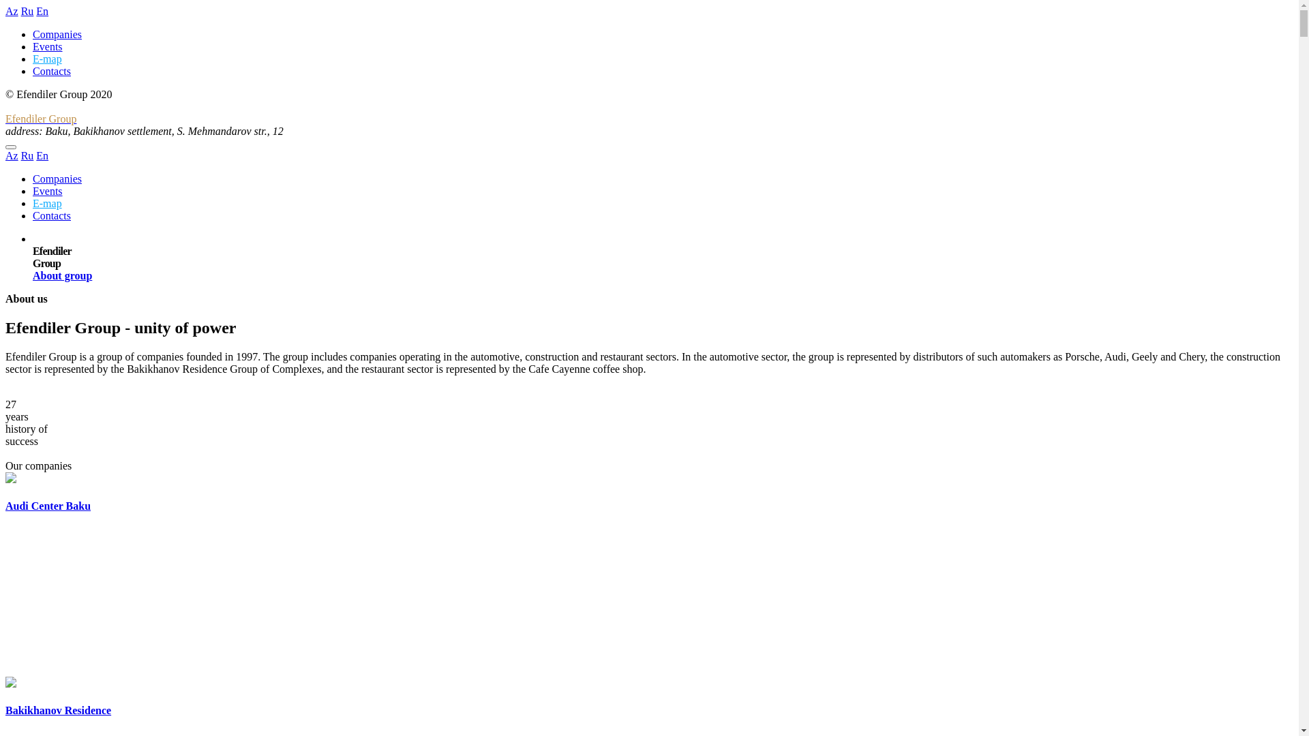 The width and height of the screenshot is (1309, 736). Describe the element at coordinates (5, 125) in the screenshot. I see `'Efendiler Group'` at that location.